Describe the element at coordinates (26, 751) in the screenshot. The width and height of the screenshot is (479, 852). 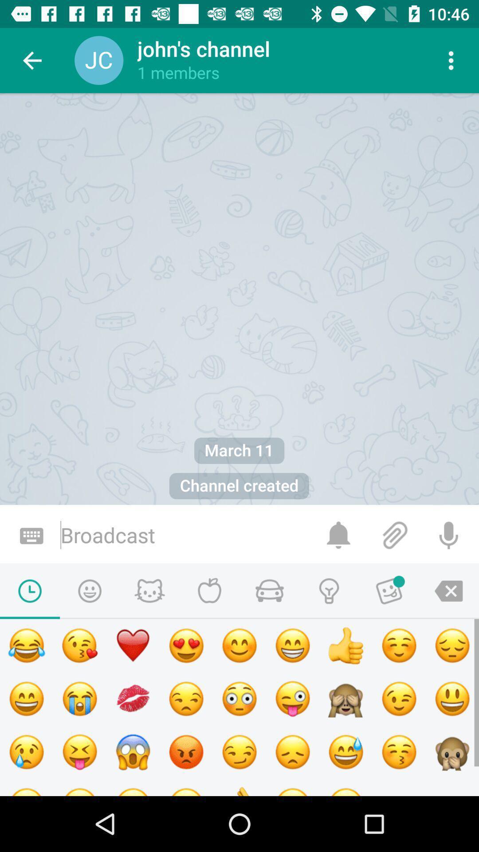
I see `the emoji icon` at that location.